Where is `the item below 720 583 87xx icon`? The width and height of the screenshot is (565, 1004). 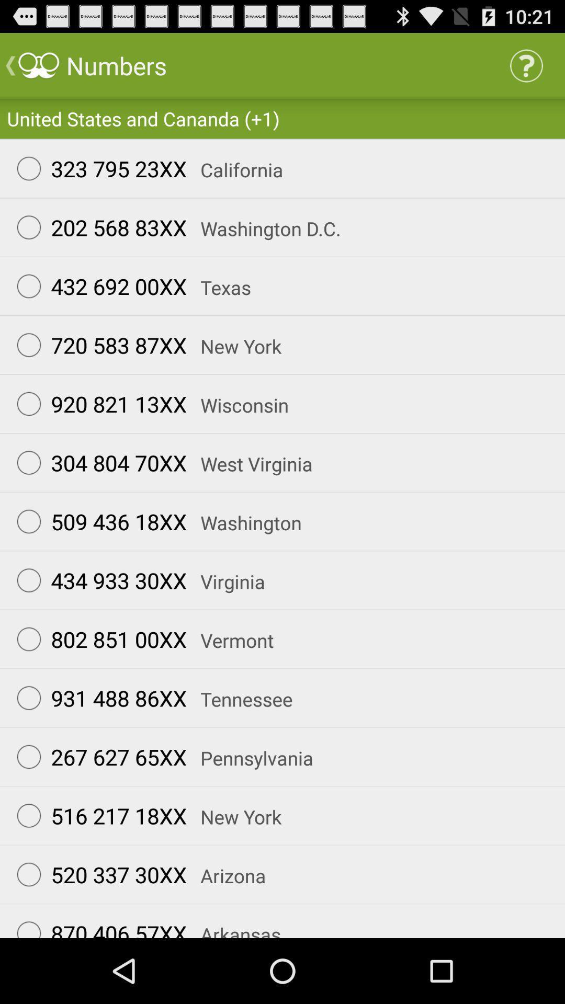
the item below 720 583 87xx icon is located at coordinates (238, 404).